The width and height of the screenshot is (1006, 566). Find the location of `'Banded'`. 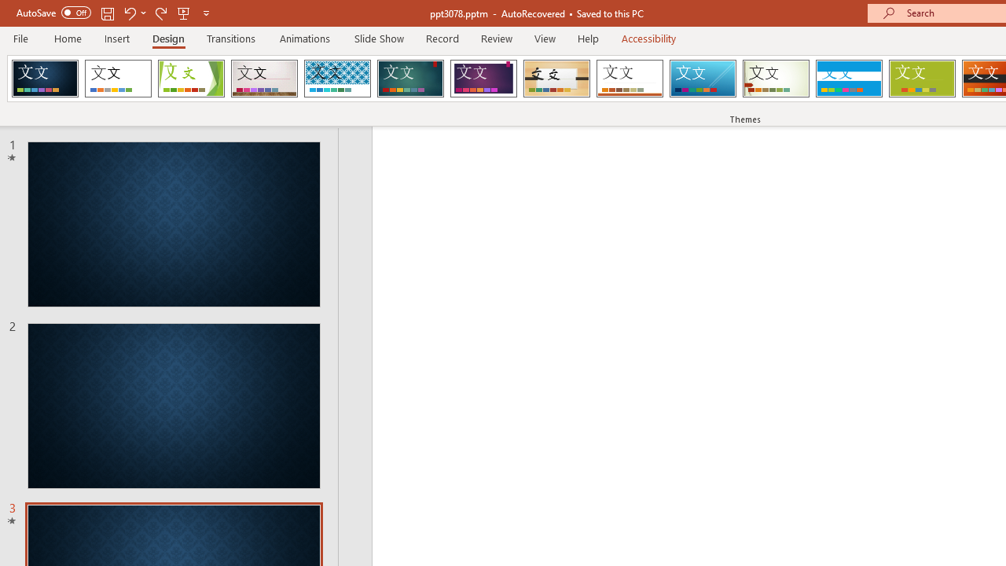

'Banded' is located at coordinates (848, 79).